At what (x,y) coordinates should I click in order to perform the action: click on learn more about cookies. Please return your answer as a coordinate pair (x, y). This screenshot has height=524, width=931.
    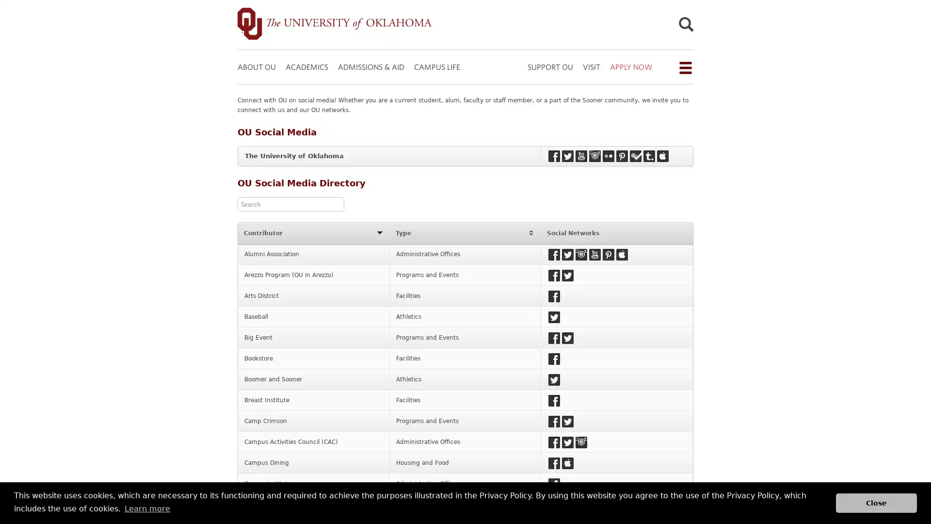
    Looking at the image, I should click on (146, 508).